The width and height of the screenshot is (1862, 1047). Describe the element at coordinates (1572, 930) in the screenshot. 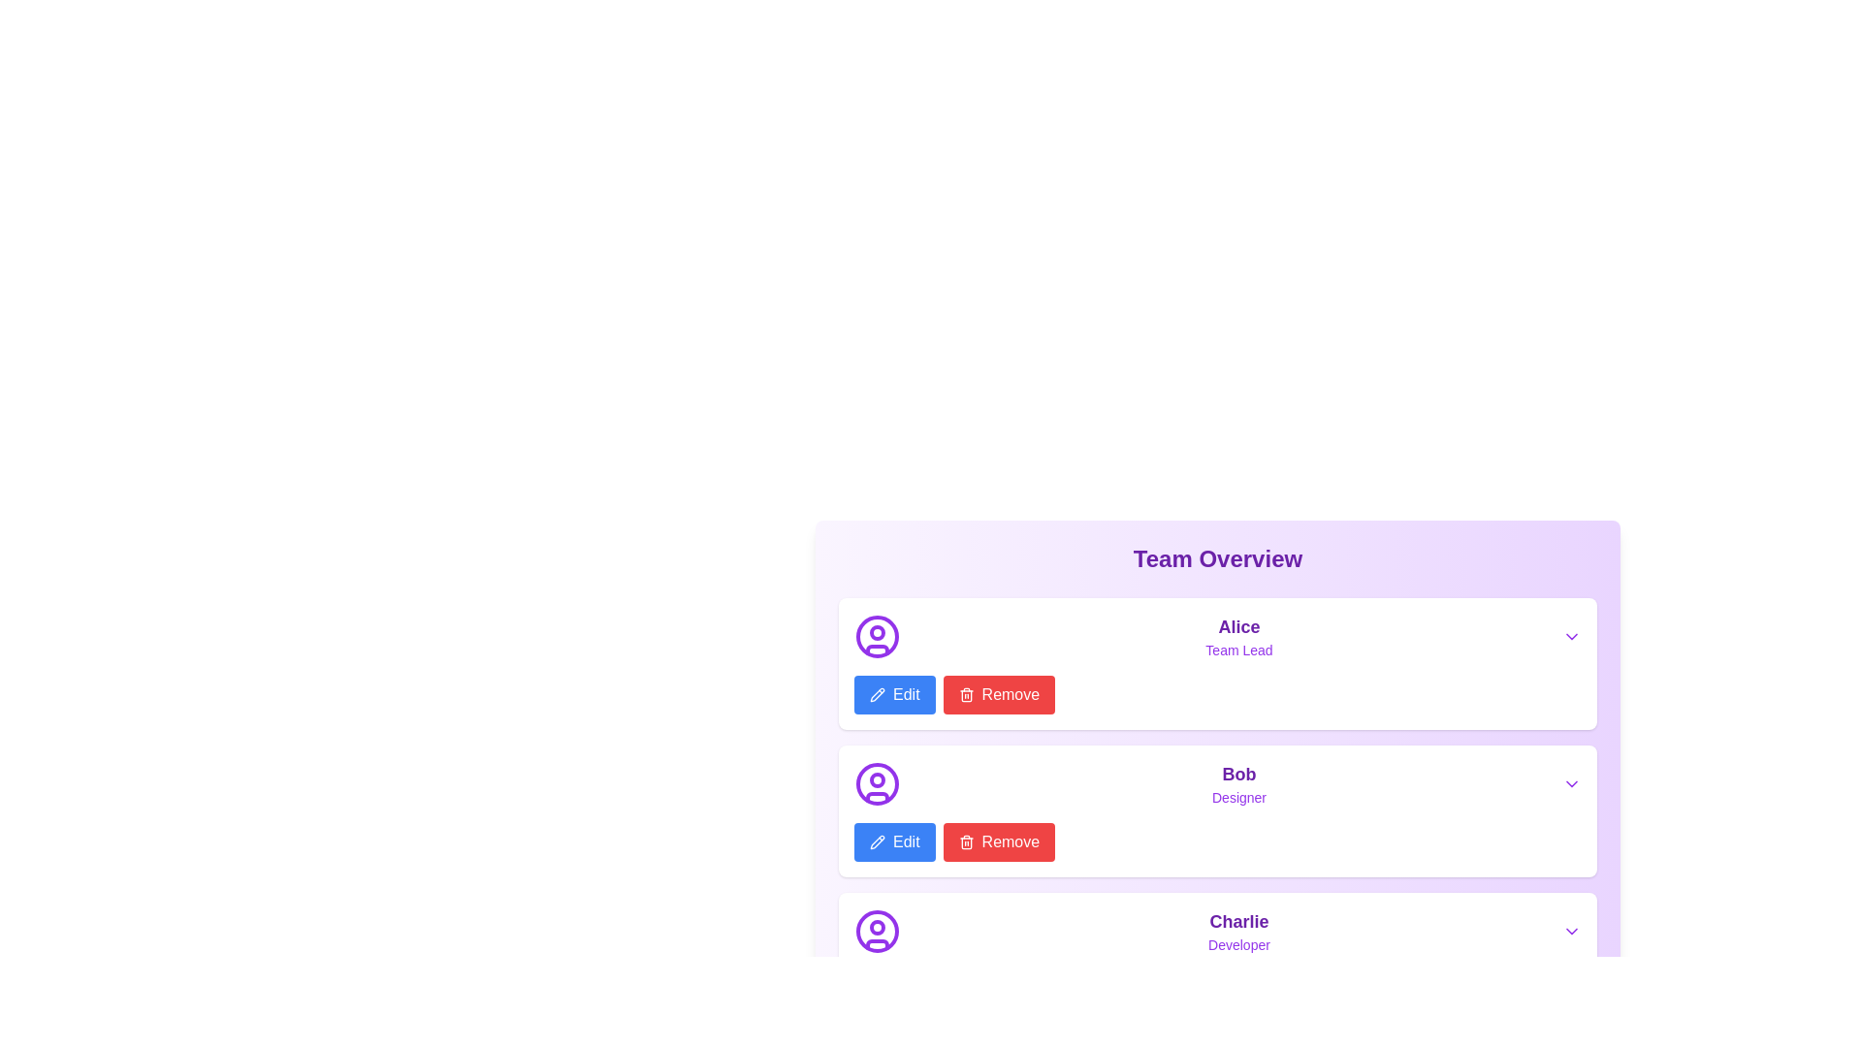

I see `the purple downward-pointing chevron dropdown toggle button located at the far-right end of the 'Charlie, Developer' section` at that location.